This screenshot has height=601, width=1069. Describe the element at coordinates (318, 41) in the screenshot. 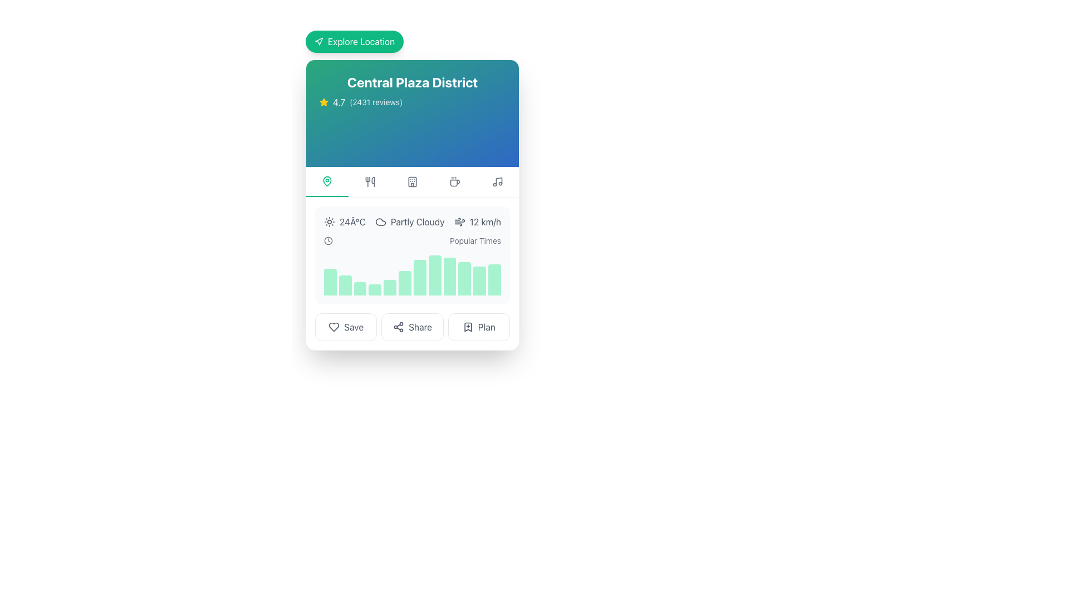

I see `the 'Explore Location' button, which contains a navigation icon located at the top-left of the card interface` at that location.